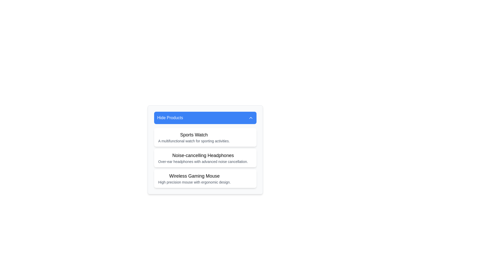  What do you see at coordinates (205, 158) in the screenshot?
I see `on the second informational card in the 'Hide Products' section that provides details about a product, located between the 'Sports Watch' and 'Wireless Gaming Mouse' cards` at bounding box center [205, 158].